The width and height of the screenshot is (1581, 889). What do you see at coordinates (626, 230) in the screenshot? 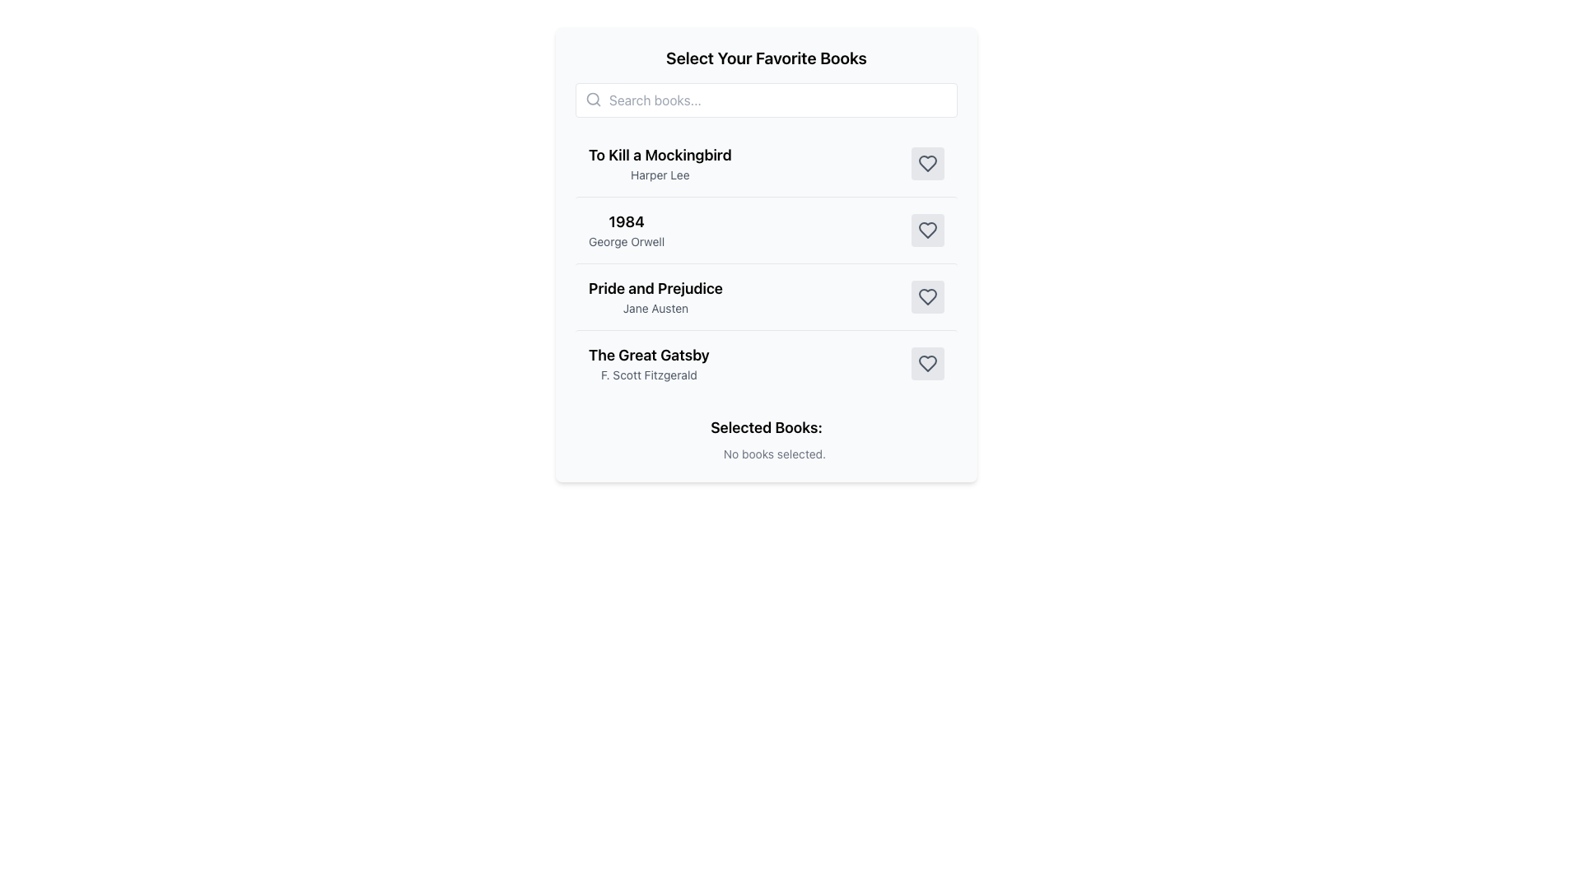
I see `the text label displaying the book title '1984' by George Orwell, which is the second item in the book selection list` at bounding box center [626, 230].